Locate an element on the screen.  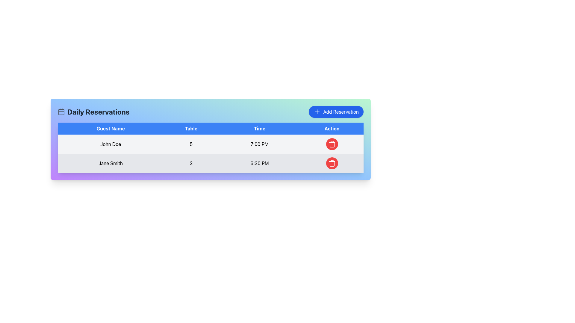
the static text display element containing the digit '5', which is the second cell in the first data row of the 'Daily Reservations' table, positioned between 'John Doe' and '7:00 PM' is located at coordinates (191, 144).